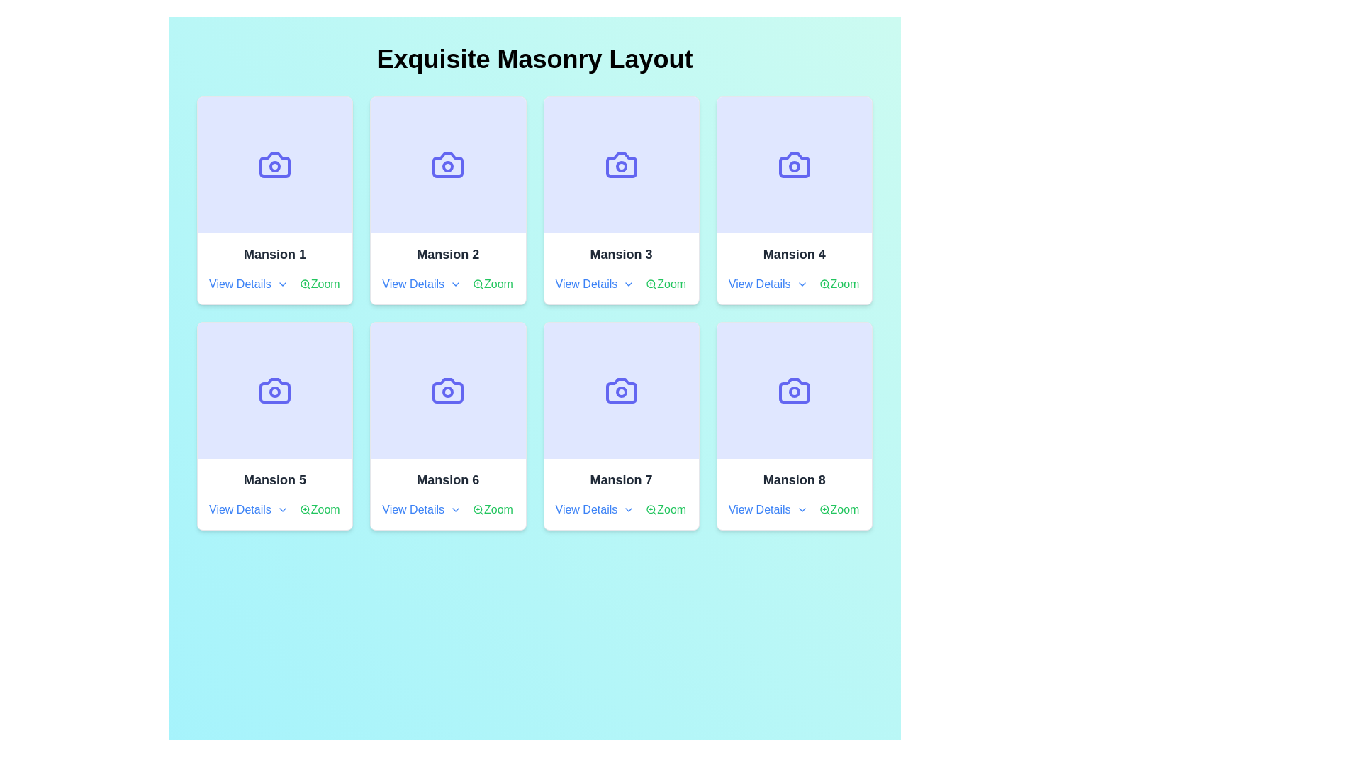  What do you see at coordinates (621, 391) in the screenshot?
I see `the vibrant indigo camera icon located within the card labeled 'Mansion 7' in the second row, third column of the grid layout` at bounding box center [621, 391].